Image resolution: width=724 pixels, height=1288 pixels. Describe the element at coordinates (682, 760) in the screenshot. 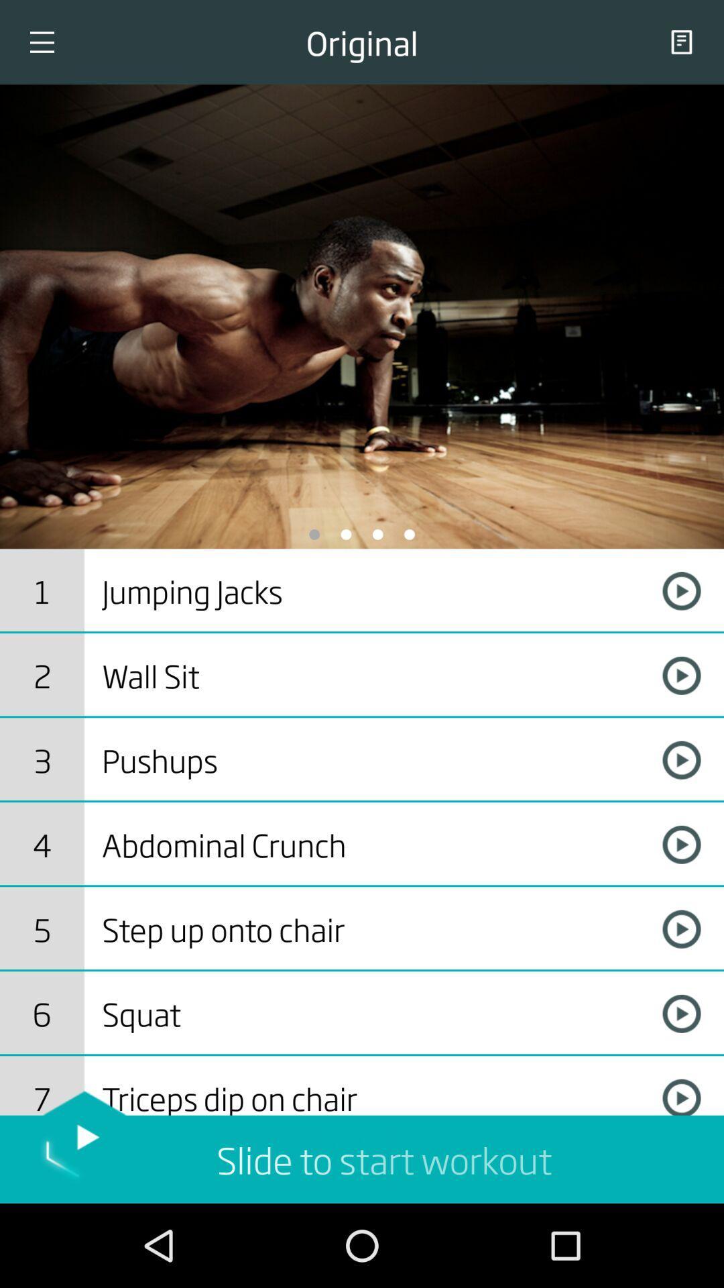

I see `the play icon` at that location.